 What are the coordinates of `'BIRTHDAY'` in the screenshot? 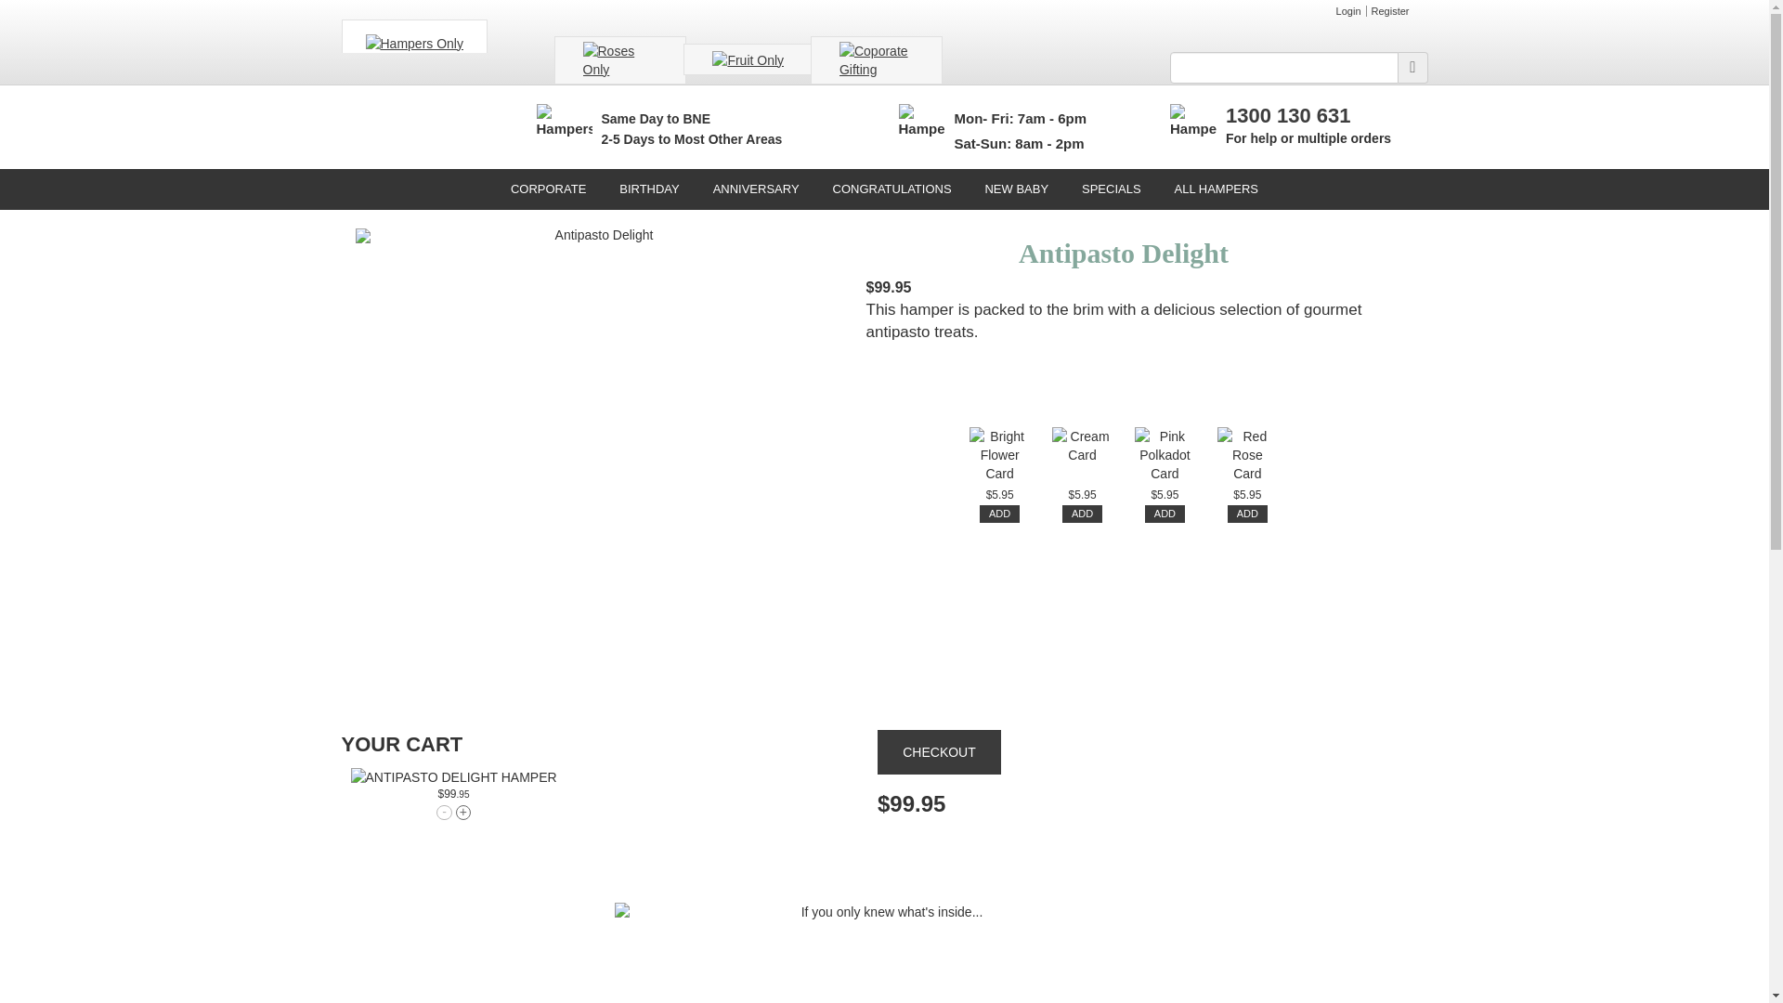 It's located at (649, 189).